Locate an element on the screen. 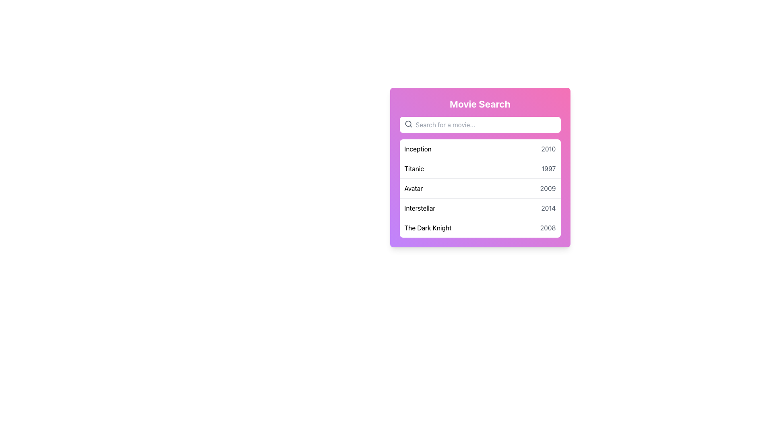 The height and width of the screenshot is (435, 773). the text label displaying 'Titanic', which is styled as plain black text on a white background and is horizontally aligned with the gray-colored year label '1997' is located at coordinates (414, 168).